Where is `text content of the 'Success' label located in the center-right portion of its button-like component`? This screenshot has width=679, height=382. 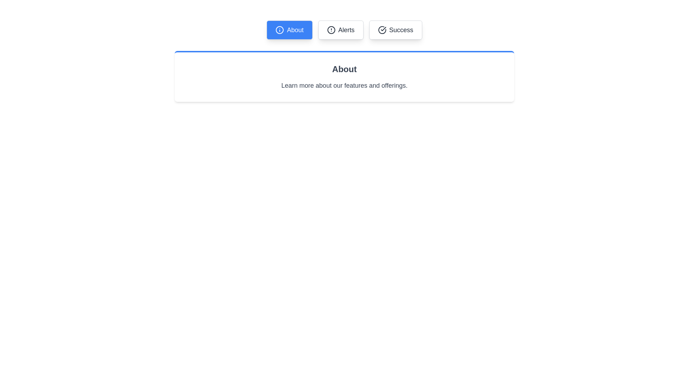
text content of the 'Success' label located in the center-right portion of its button-like component is located at coordinates (401, 29).